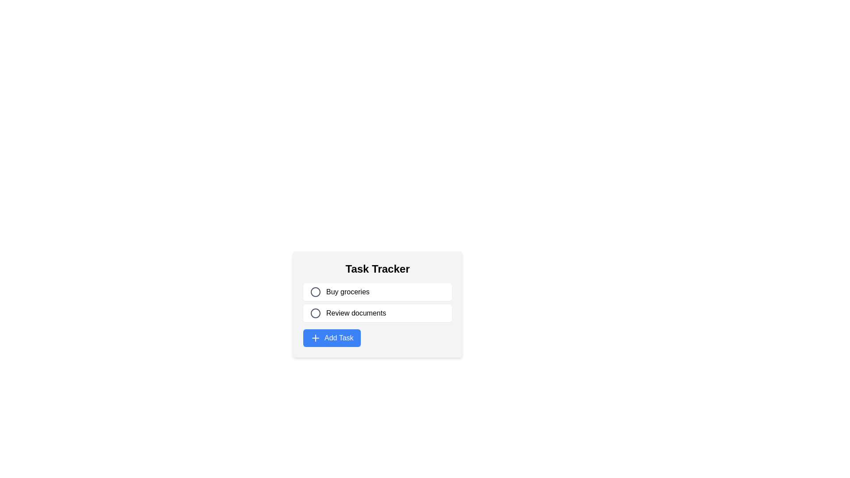 This screenshot has height=478, width=850. I want to click on the 'Review documents' text label, which is styled in black sans-serif font and is the second task in the 'Task Tracker' list, so click(356, 313).